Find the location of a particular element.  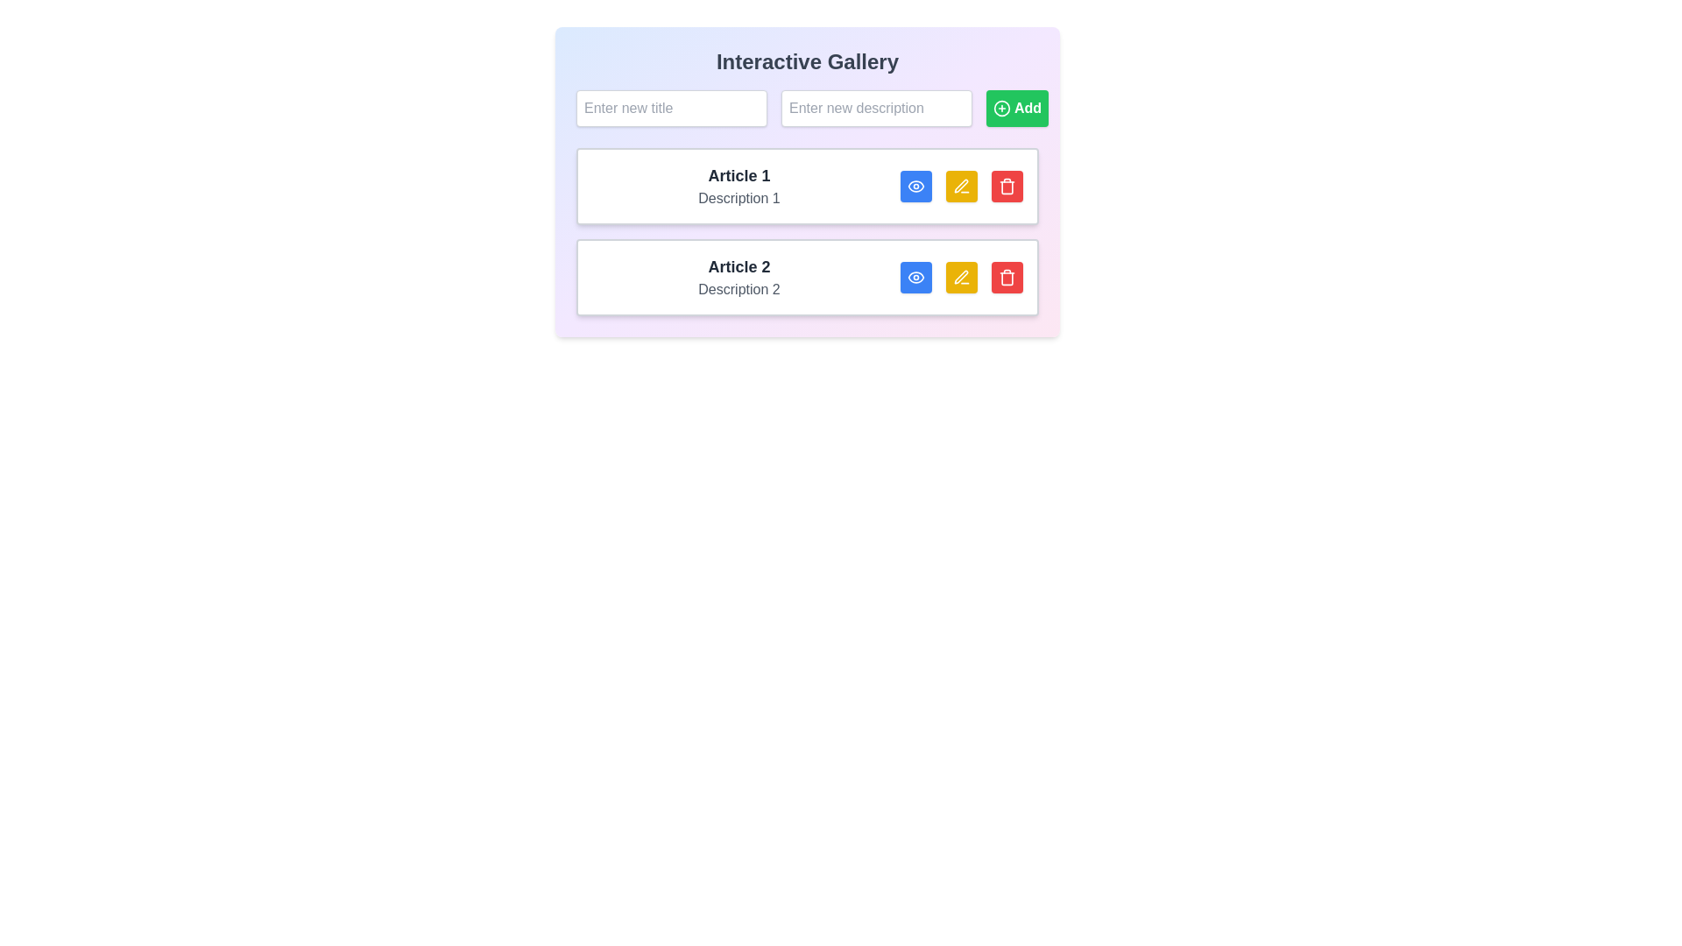

the small square button with a red background and a white trash can icon located at the far right of the second item labeled 'Article 2' is located at coordinates (1007, 276).